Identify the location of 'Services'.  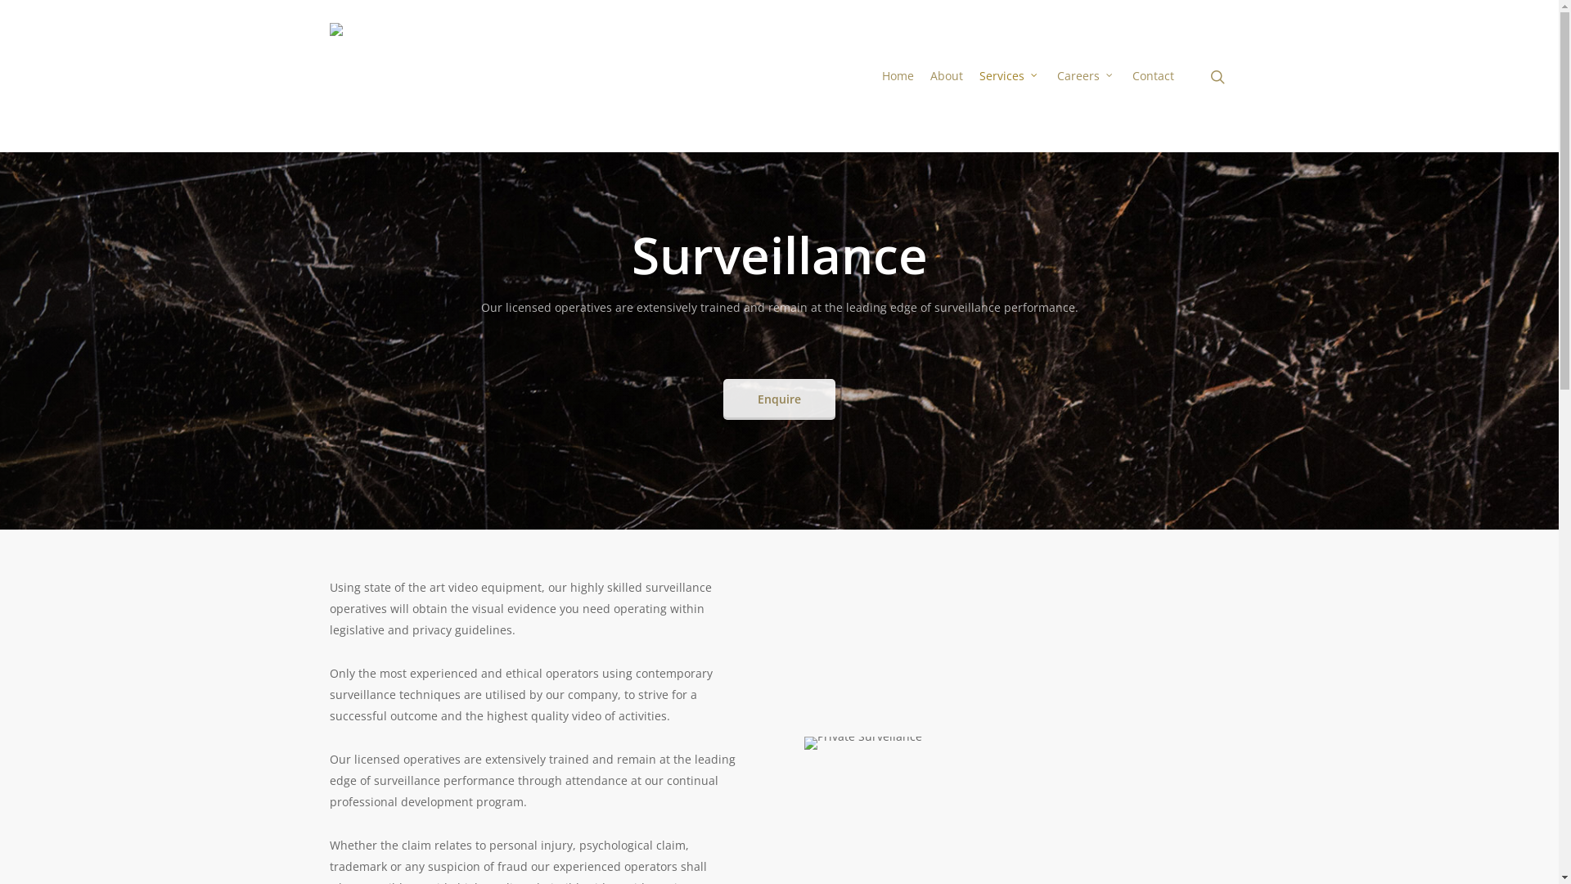
(1008, 75).